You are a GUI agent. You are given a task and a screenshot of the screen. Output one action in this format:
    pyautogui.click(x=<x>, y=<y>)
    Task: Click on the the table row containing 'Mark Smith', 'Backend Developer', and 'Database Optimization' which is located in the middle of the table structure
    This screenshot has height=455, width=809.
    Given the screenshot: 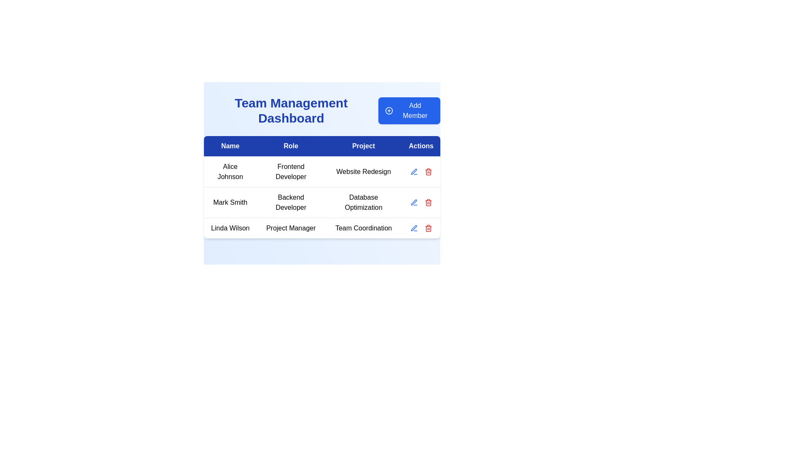 What is the action you would take?
    pyautogui.click(x=321, y=197)
    